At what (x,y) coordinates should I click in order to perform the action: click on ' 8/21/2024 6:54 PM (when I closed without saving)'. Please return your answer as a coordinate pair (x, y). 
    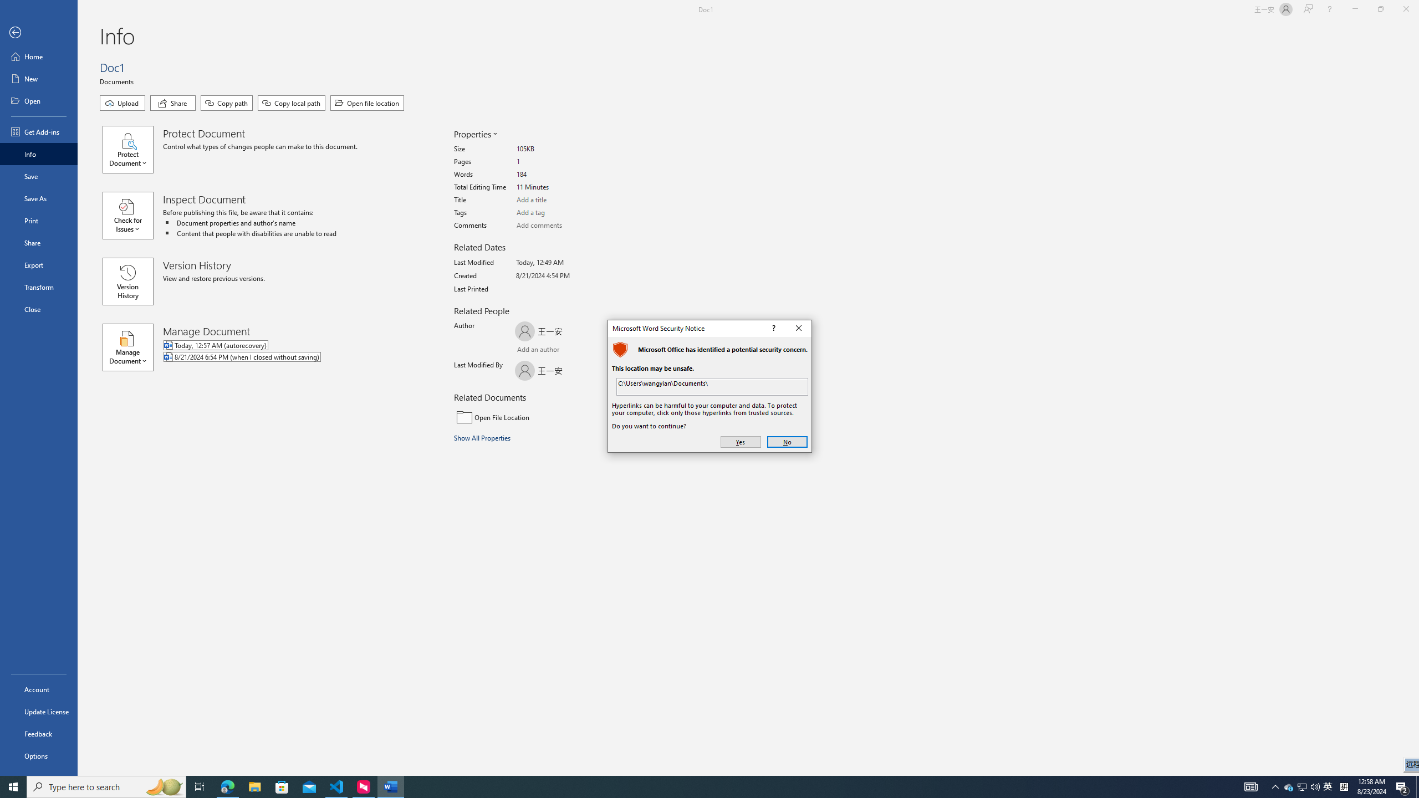
    Looking at the image, I should click on (287, 357).